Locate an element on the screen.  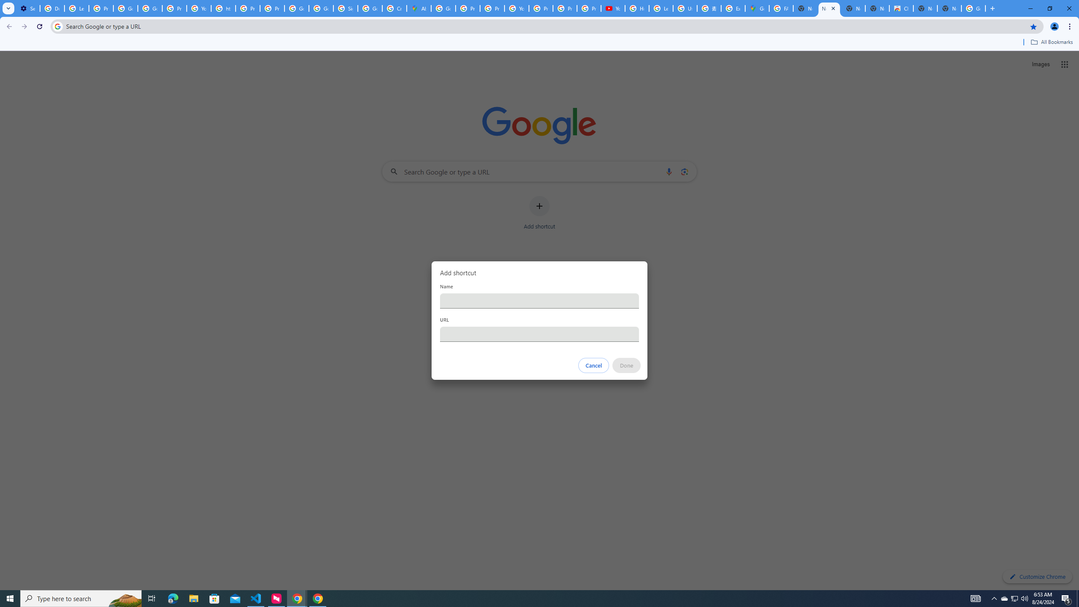
'Explore new street-level details - Google Maps Help' is located at coordinates (733, 8).